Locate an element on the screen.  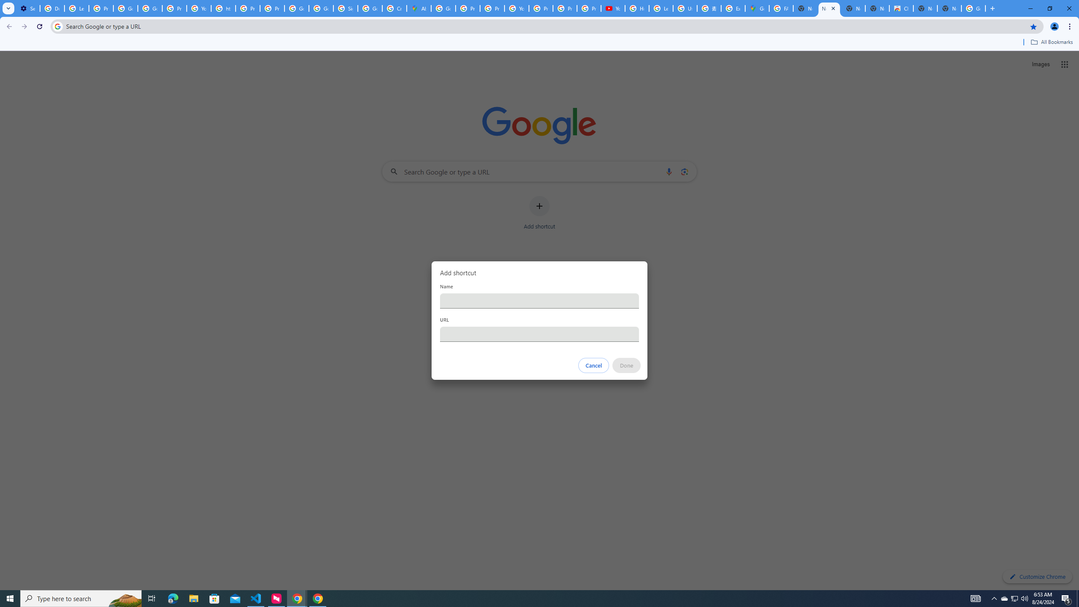
'Explore new street-level details - Google Maps Help' is located at coordinates (733, 8).